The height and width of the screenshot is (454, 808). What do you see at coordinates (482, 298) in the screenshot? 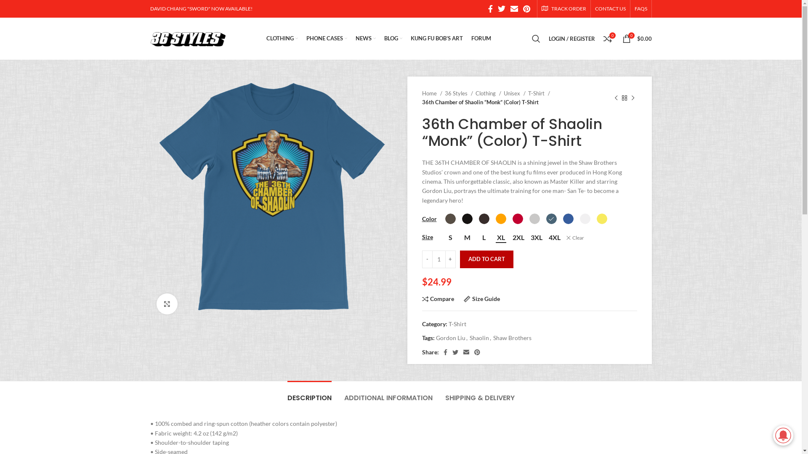
I see `'Size Guide'` at bounding box center [482, 298].